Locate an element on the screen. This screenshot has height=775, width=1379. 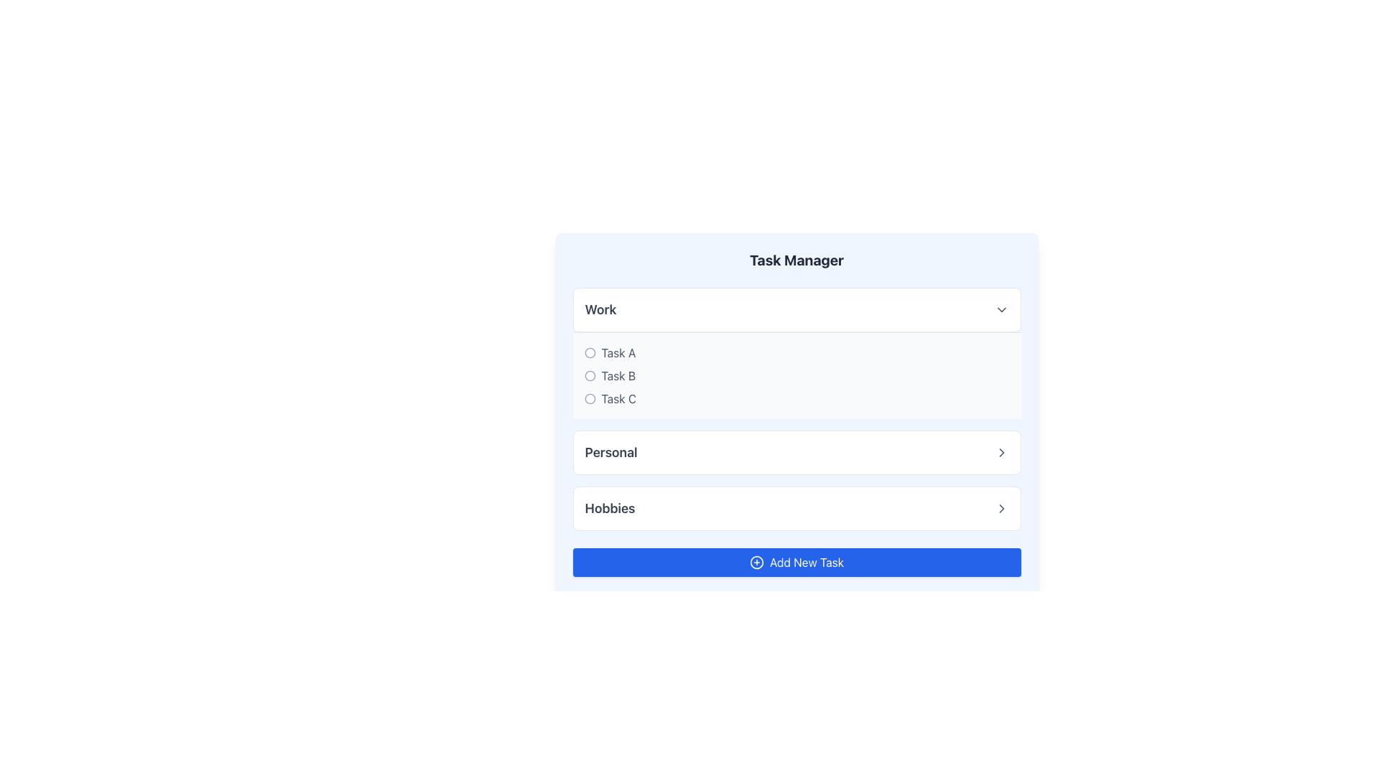
the circular radio button with a gray outline is located at coordinates (590, 375).